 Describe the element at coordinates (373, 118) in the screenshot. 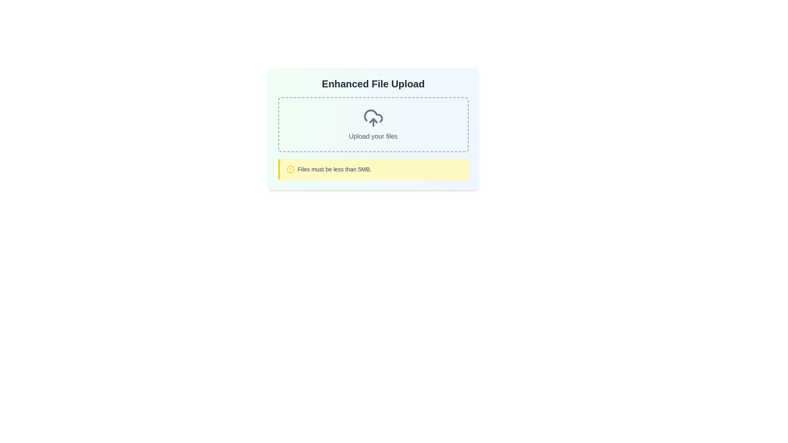

I see `the cloud-shaped upload icon with the upward-pointing arrow` at that location.